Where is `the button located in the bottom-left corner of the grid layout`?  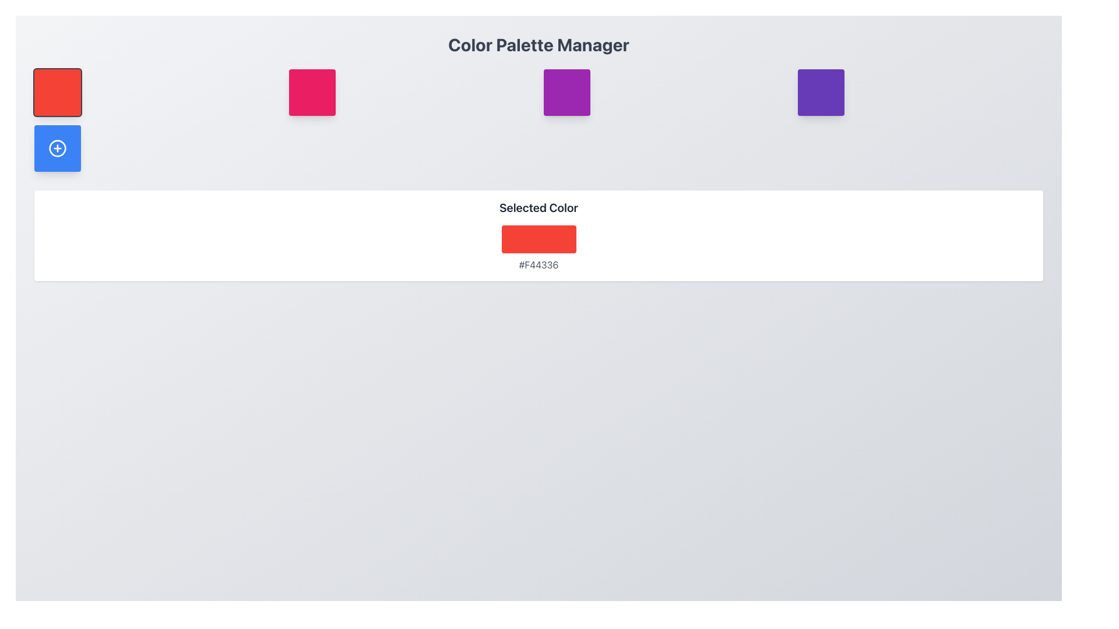
the button located in the bottom-left corner of the grid layout is located at coordinates (57, 147).